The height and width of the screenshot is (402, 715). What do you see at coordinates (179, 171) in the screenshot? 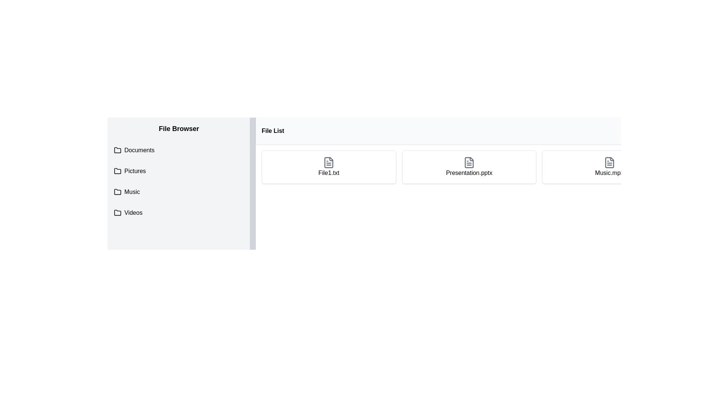
I see `the 'Pictures' list item in the left sidebar of the File Browser to observe the hover effect` at bounding box center [179, 171].